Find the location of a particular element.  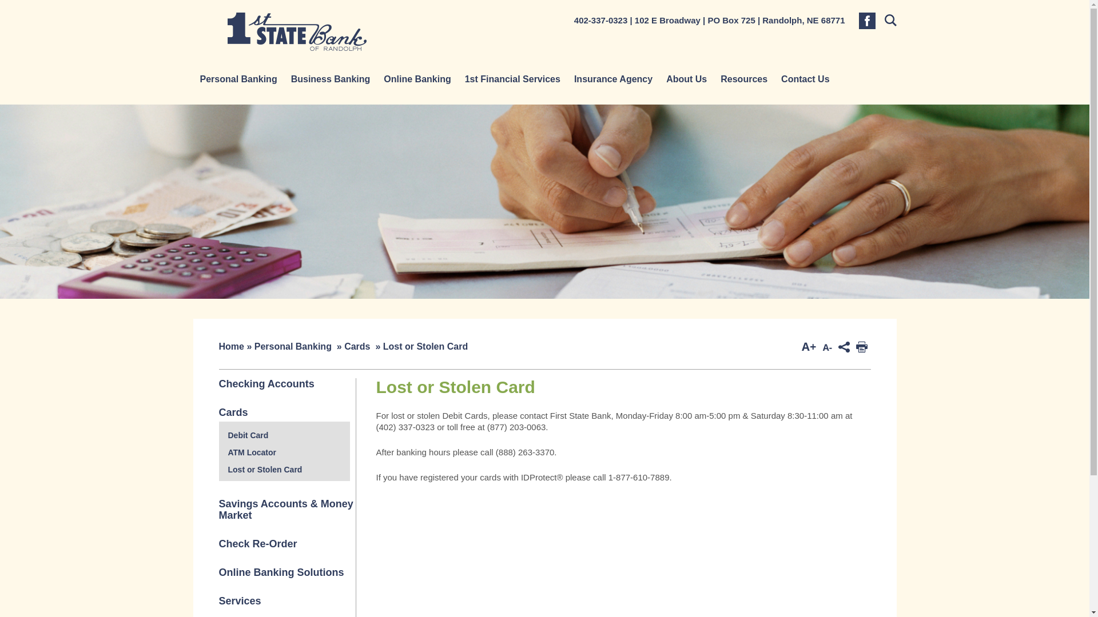

'402-337-0323' is located at coordinates (574, 20).